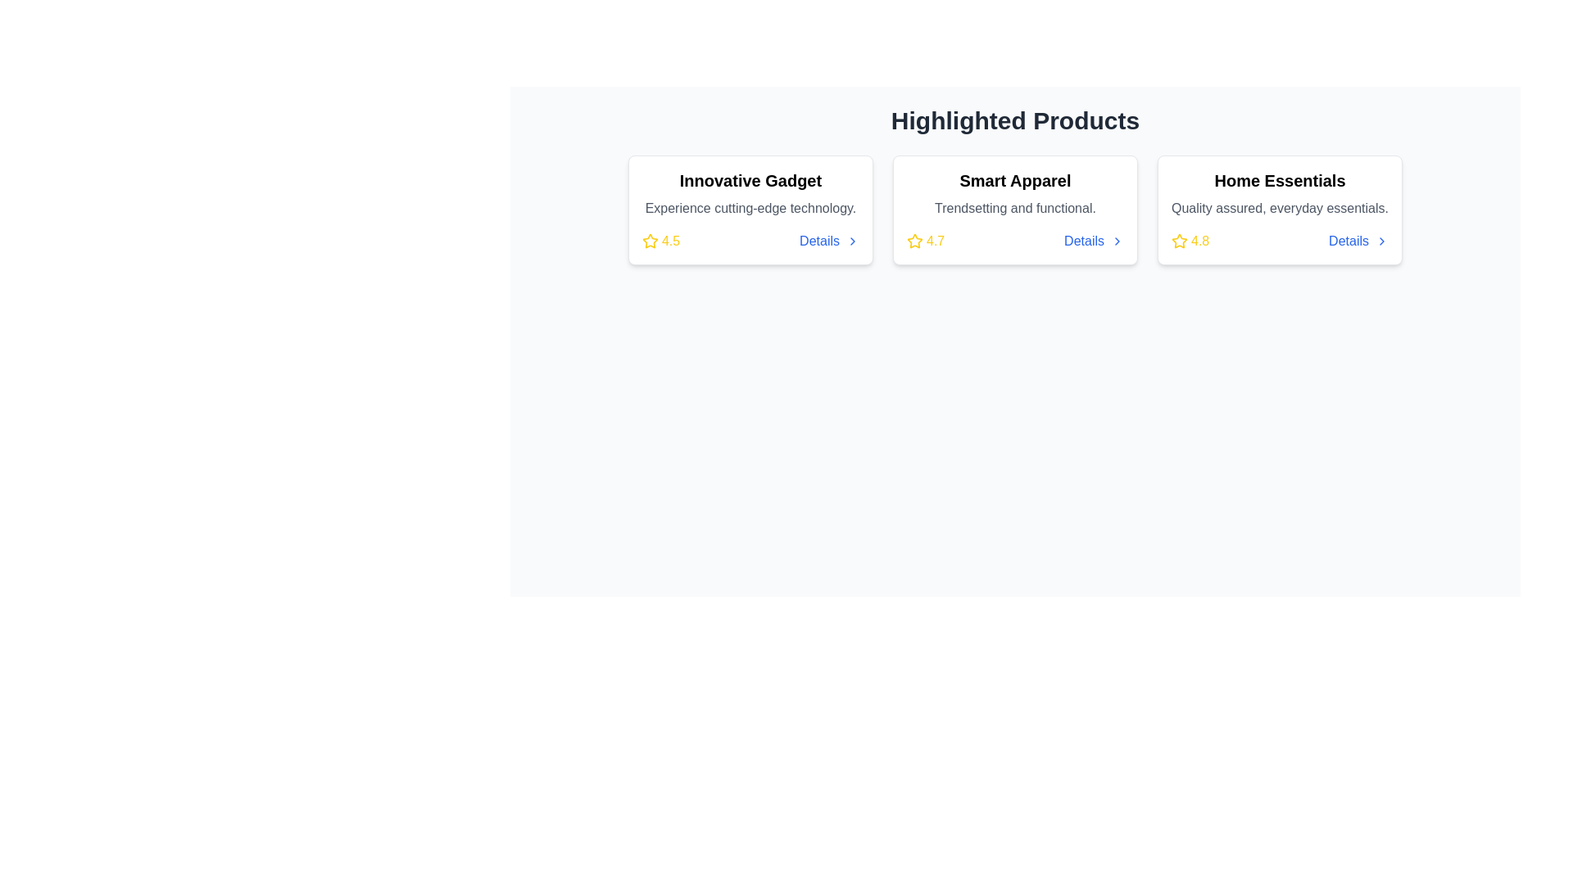 This screenshot has width=1573, height=884. Describe the element at coordinates (1014, 207) in the screenshot. I see `the text label element that provides a descriptive tagline for the 'Smart Apparel' product, positioned below the title and above the rating and details section` at that location.